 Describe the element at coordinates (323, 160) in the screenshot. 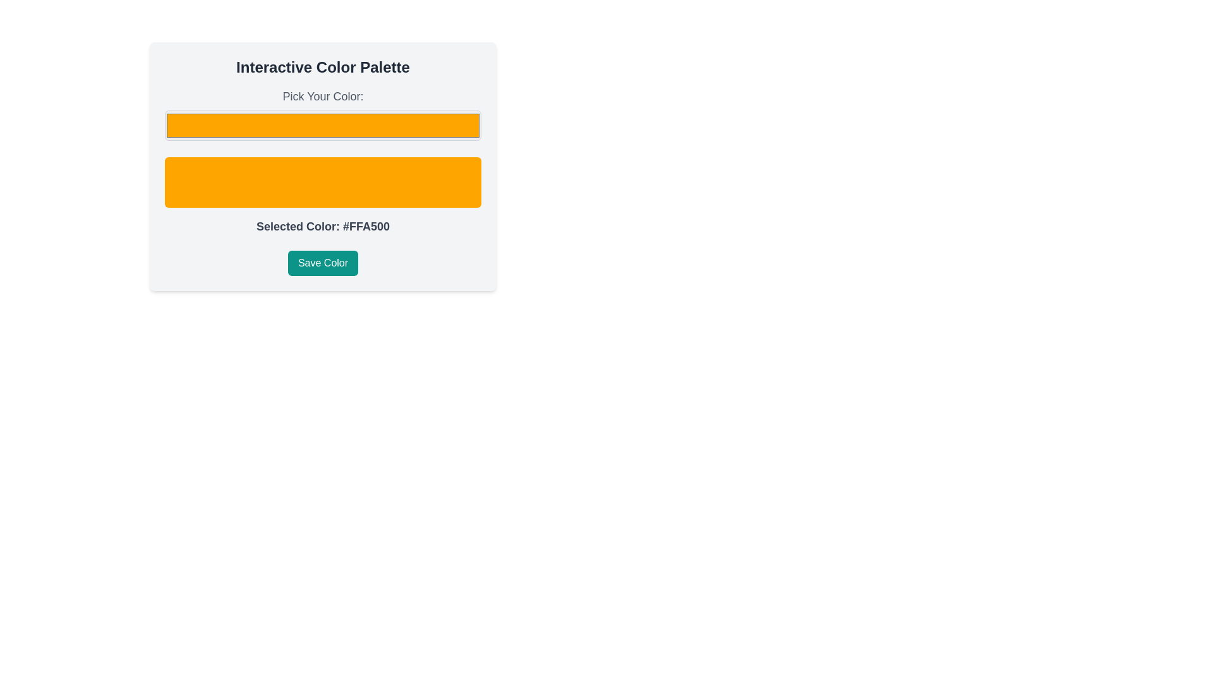

I see `the Color Preview Panel element which has a highlighted orange background and displays 'Selected Color: #FFA500'` at that location.